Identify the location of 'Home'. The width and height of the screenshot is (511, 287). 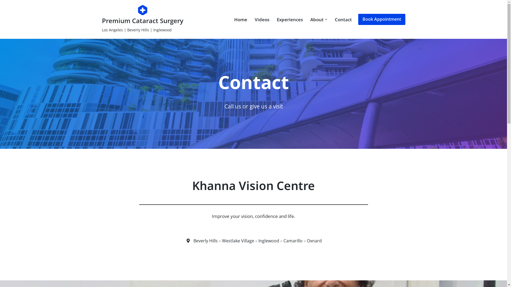
(240, 19).